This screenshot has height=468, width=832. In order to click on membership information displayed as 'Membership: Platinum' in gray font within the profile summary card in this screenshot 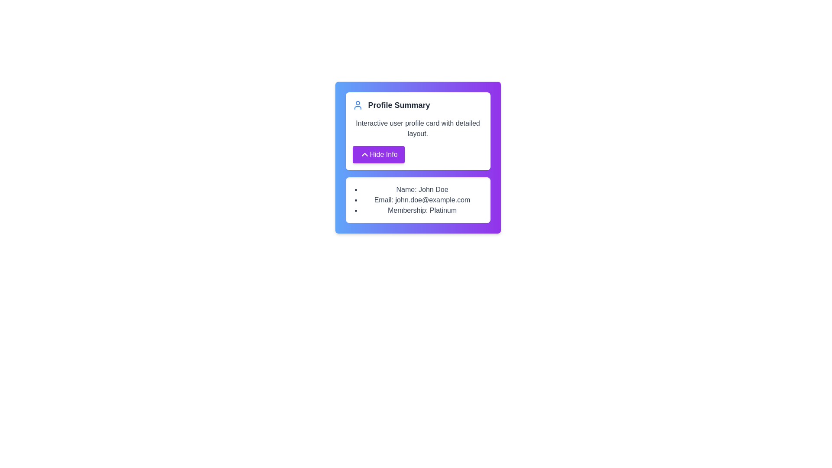, I will do `click(422, 211)`.